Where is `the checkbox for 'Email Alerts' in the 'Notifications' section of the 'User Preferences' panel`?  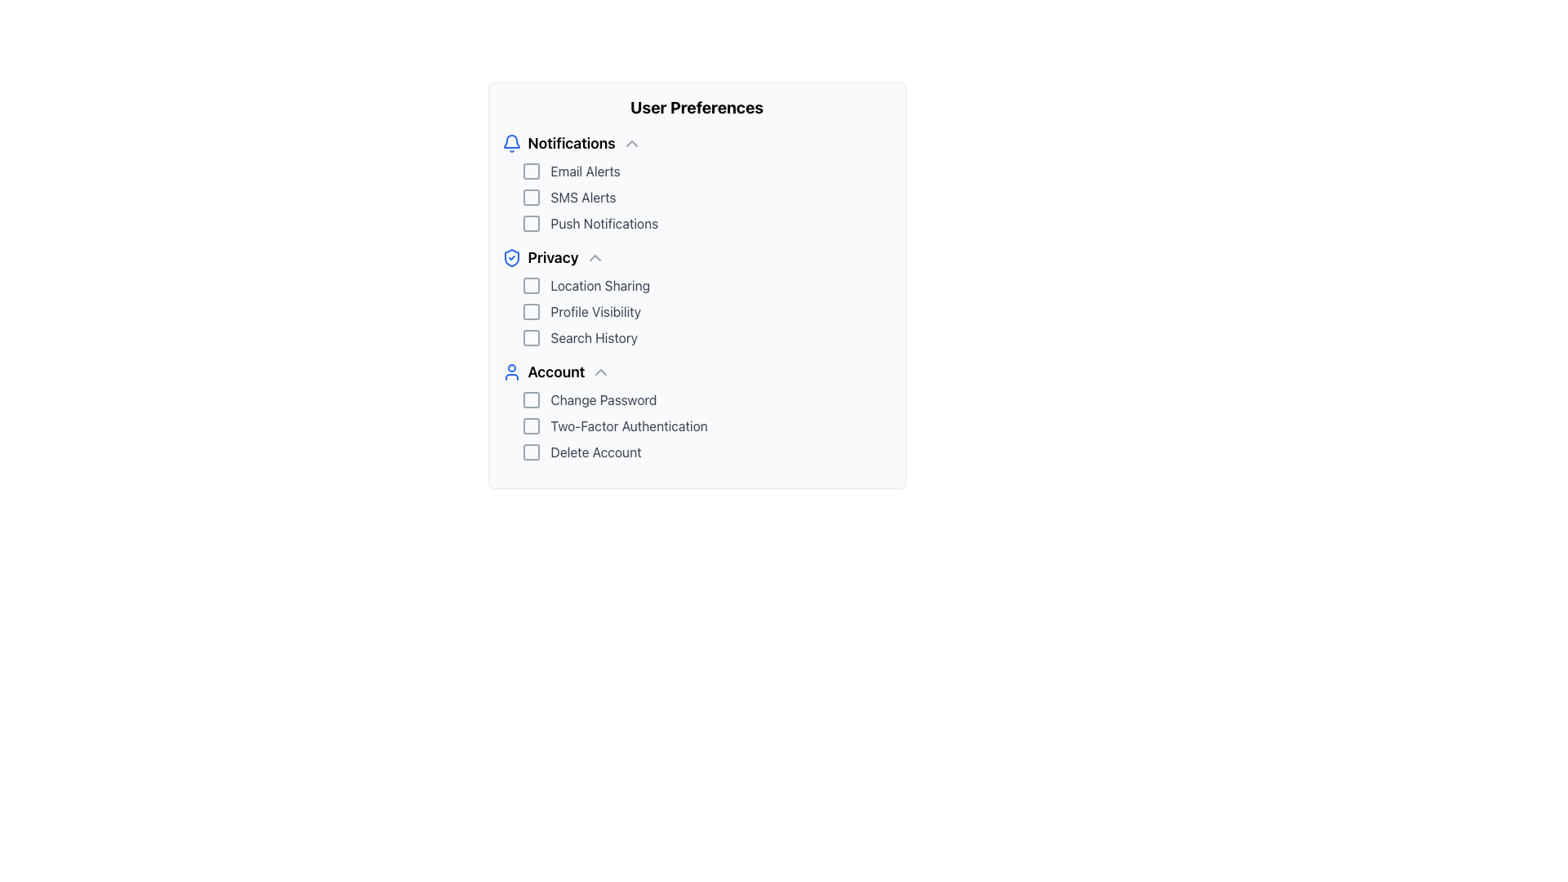 the checkbox for 'Email Alerts' in the 'Notifications' section of the 'User Preferences' panel is located at coordinates (531, 171).